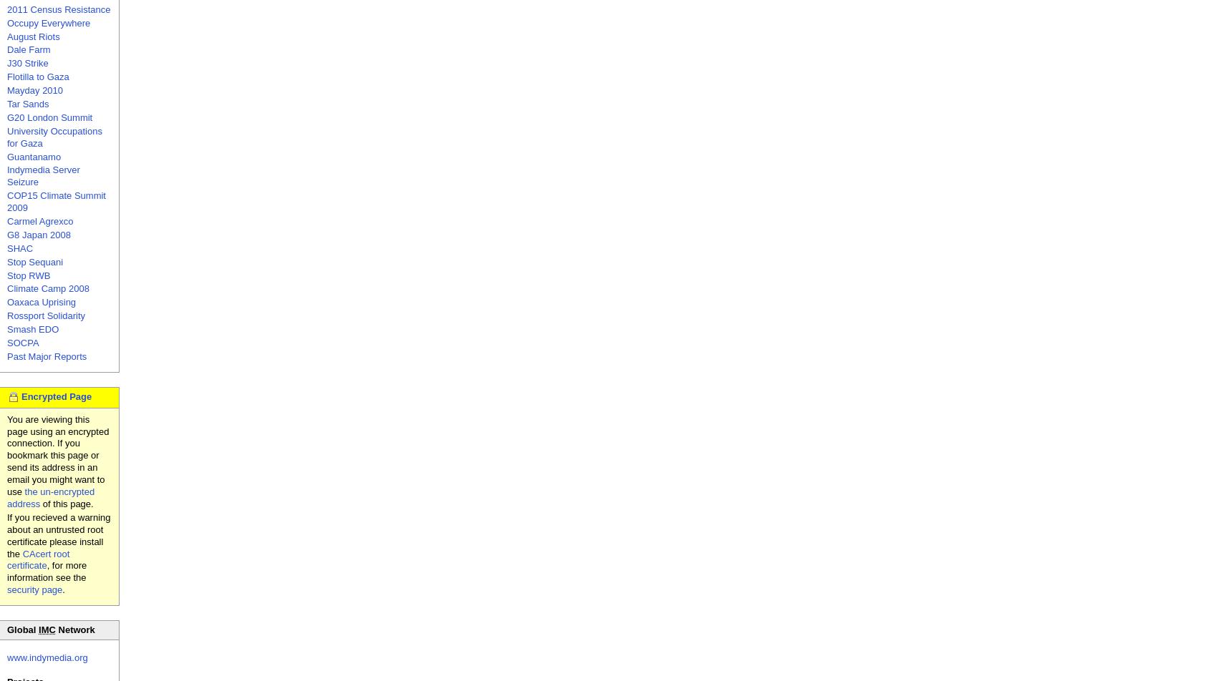 Image resolution: width=1212 pixels, height=681 pixels. I want to click on 'SHAC', so click(6, 248).